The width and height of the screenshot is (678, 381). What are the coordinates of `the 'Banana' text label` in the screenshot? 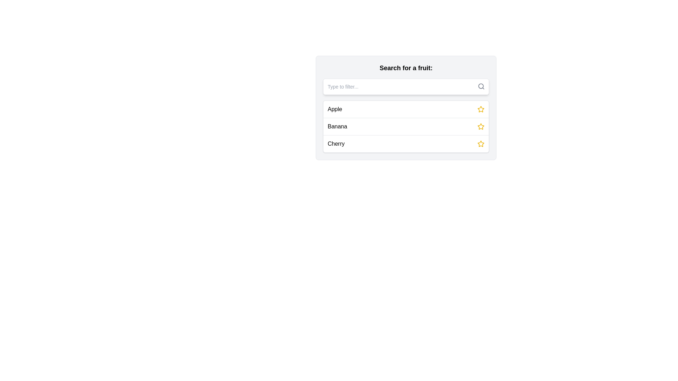 It's located at (337, 126).